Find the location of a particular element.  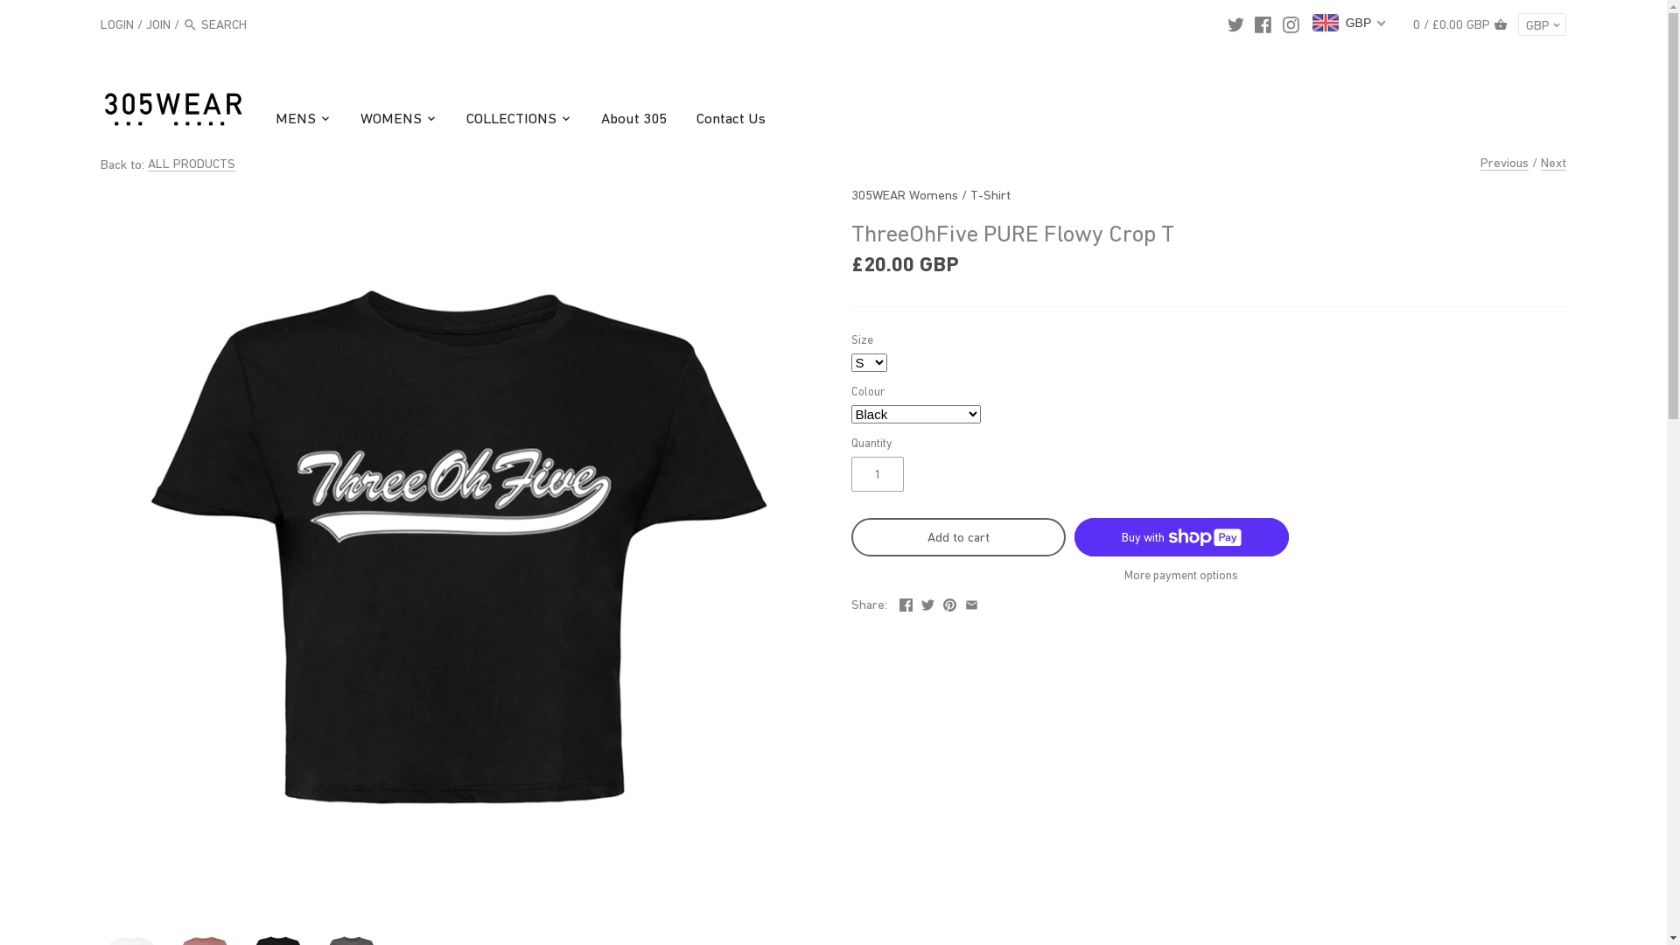

'305WEAR Womens' is located at coordinates (903, 194).